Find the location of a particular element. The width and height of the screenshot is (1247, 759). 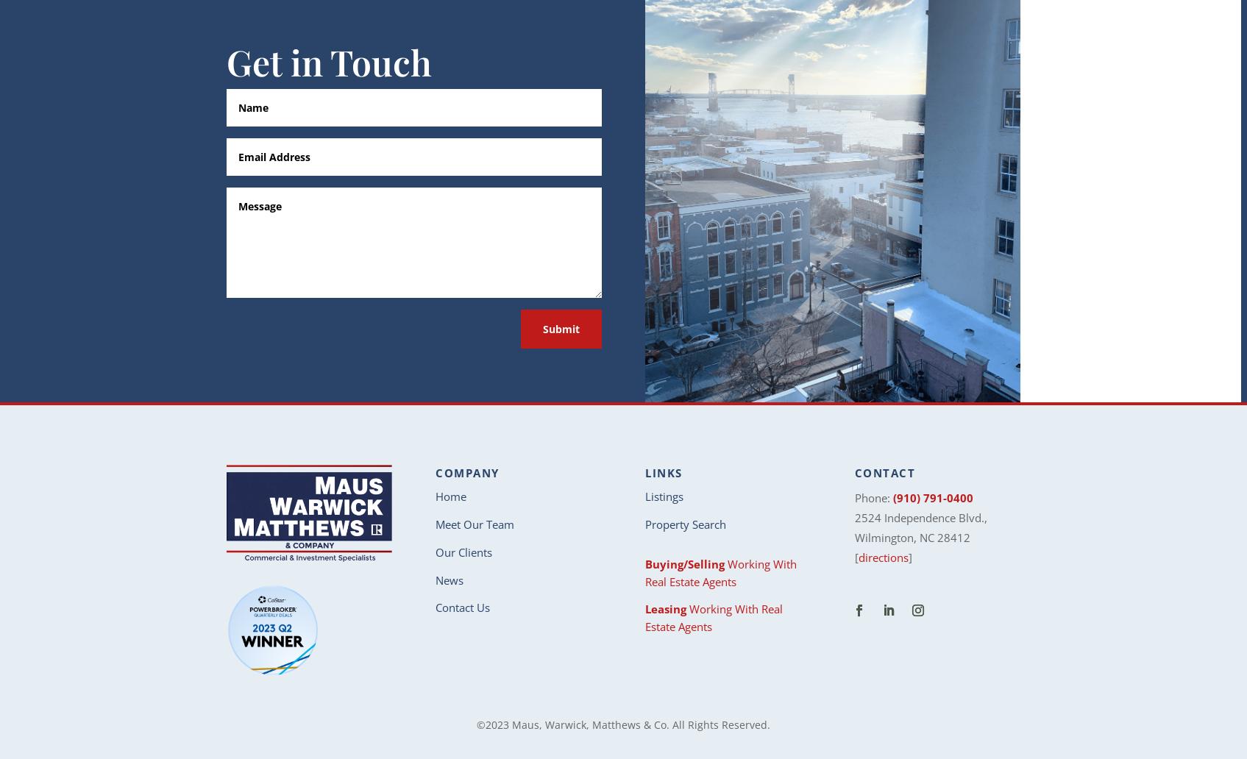

'Home' is located at coordinates (450, 496).